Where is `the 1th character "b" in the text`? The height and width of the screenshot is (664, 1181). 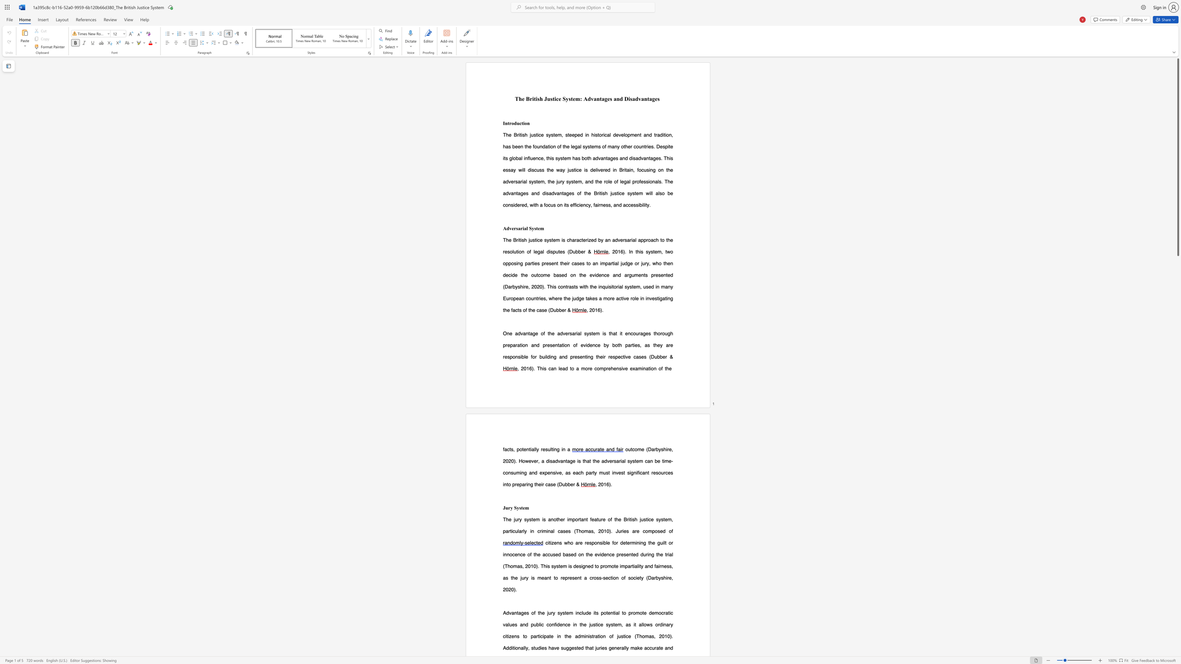 the 1th character "b" in the text is located at coordinates (605, 542).